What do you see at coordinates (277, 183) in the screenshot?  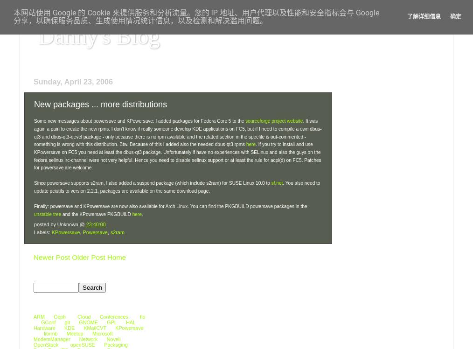 I see `'sf.net'` at bounding box center [277, 183].